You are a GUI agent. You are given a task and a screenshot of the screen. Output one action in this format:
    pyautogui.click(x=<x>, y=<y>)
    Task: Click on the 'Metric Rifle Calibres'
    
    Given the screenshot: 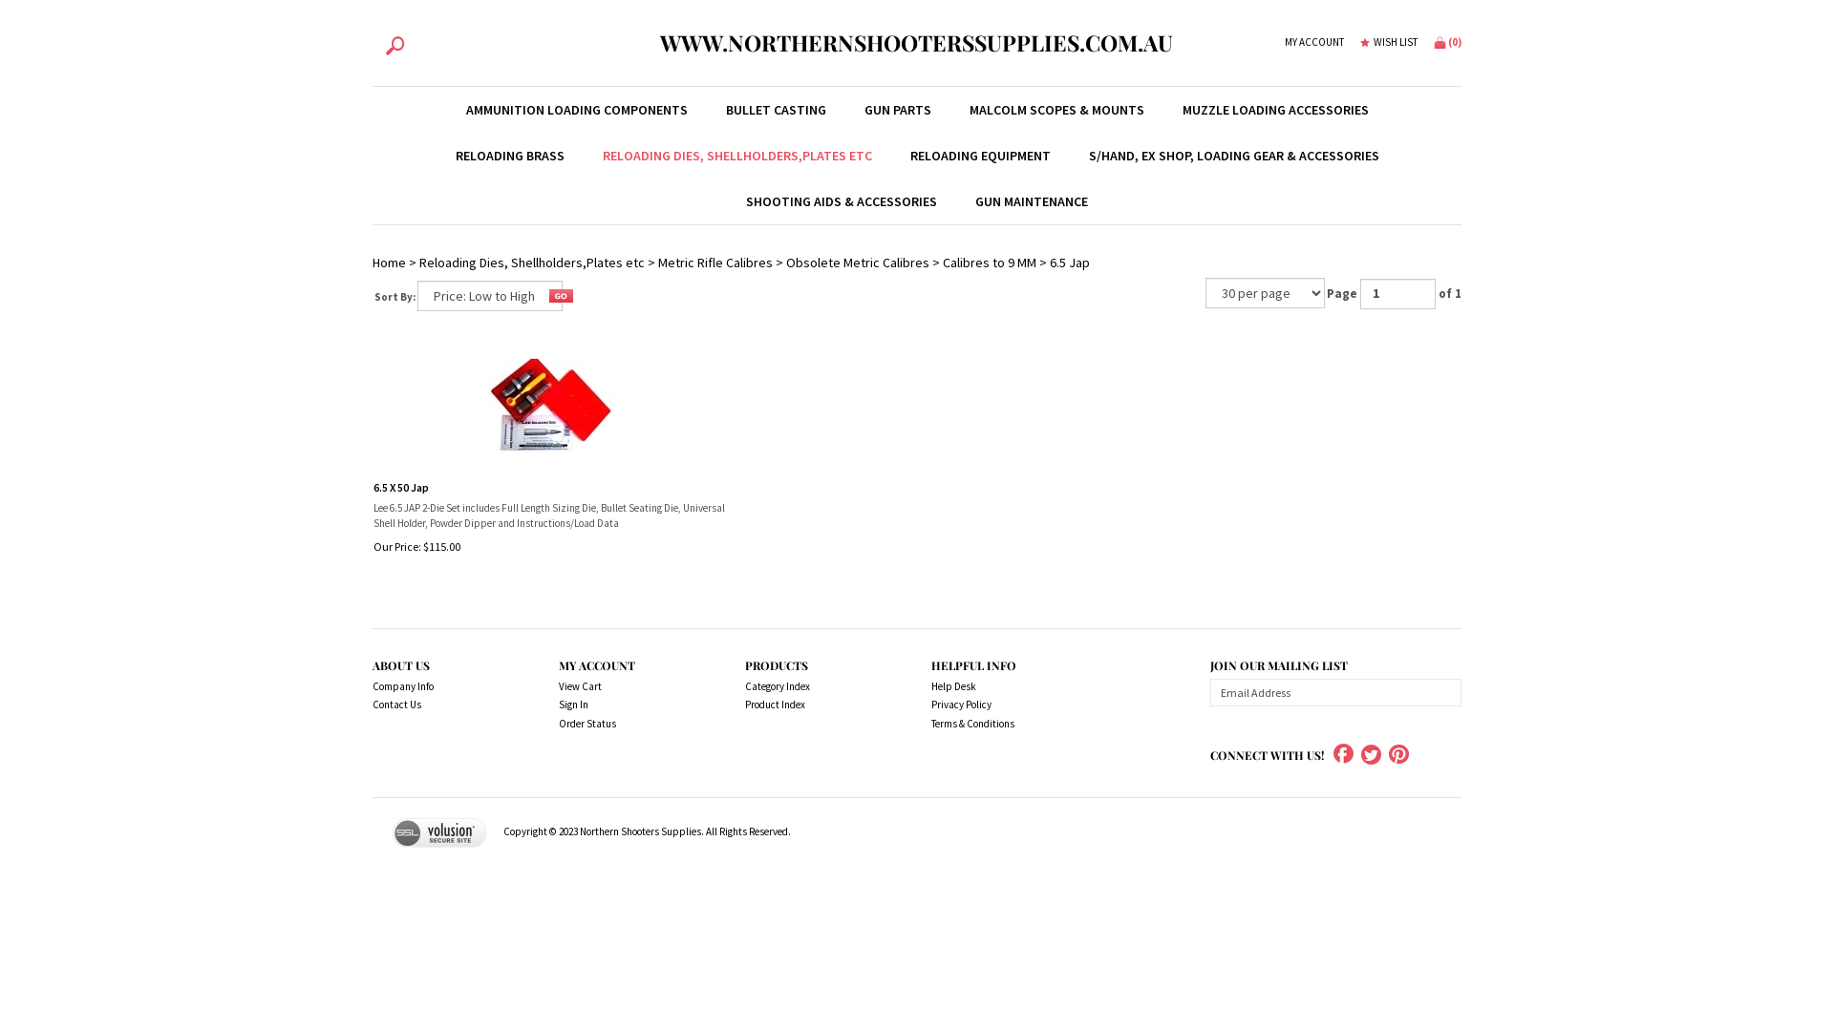 What is the action you would take?
    pyautogui.click(x=714, y=262)
    